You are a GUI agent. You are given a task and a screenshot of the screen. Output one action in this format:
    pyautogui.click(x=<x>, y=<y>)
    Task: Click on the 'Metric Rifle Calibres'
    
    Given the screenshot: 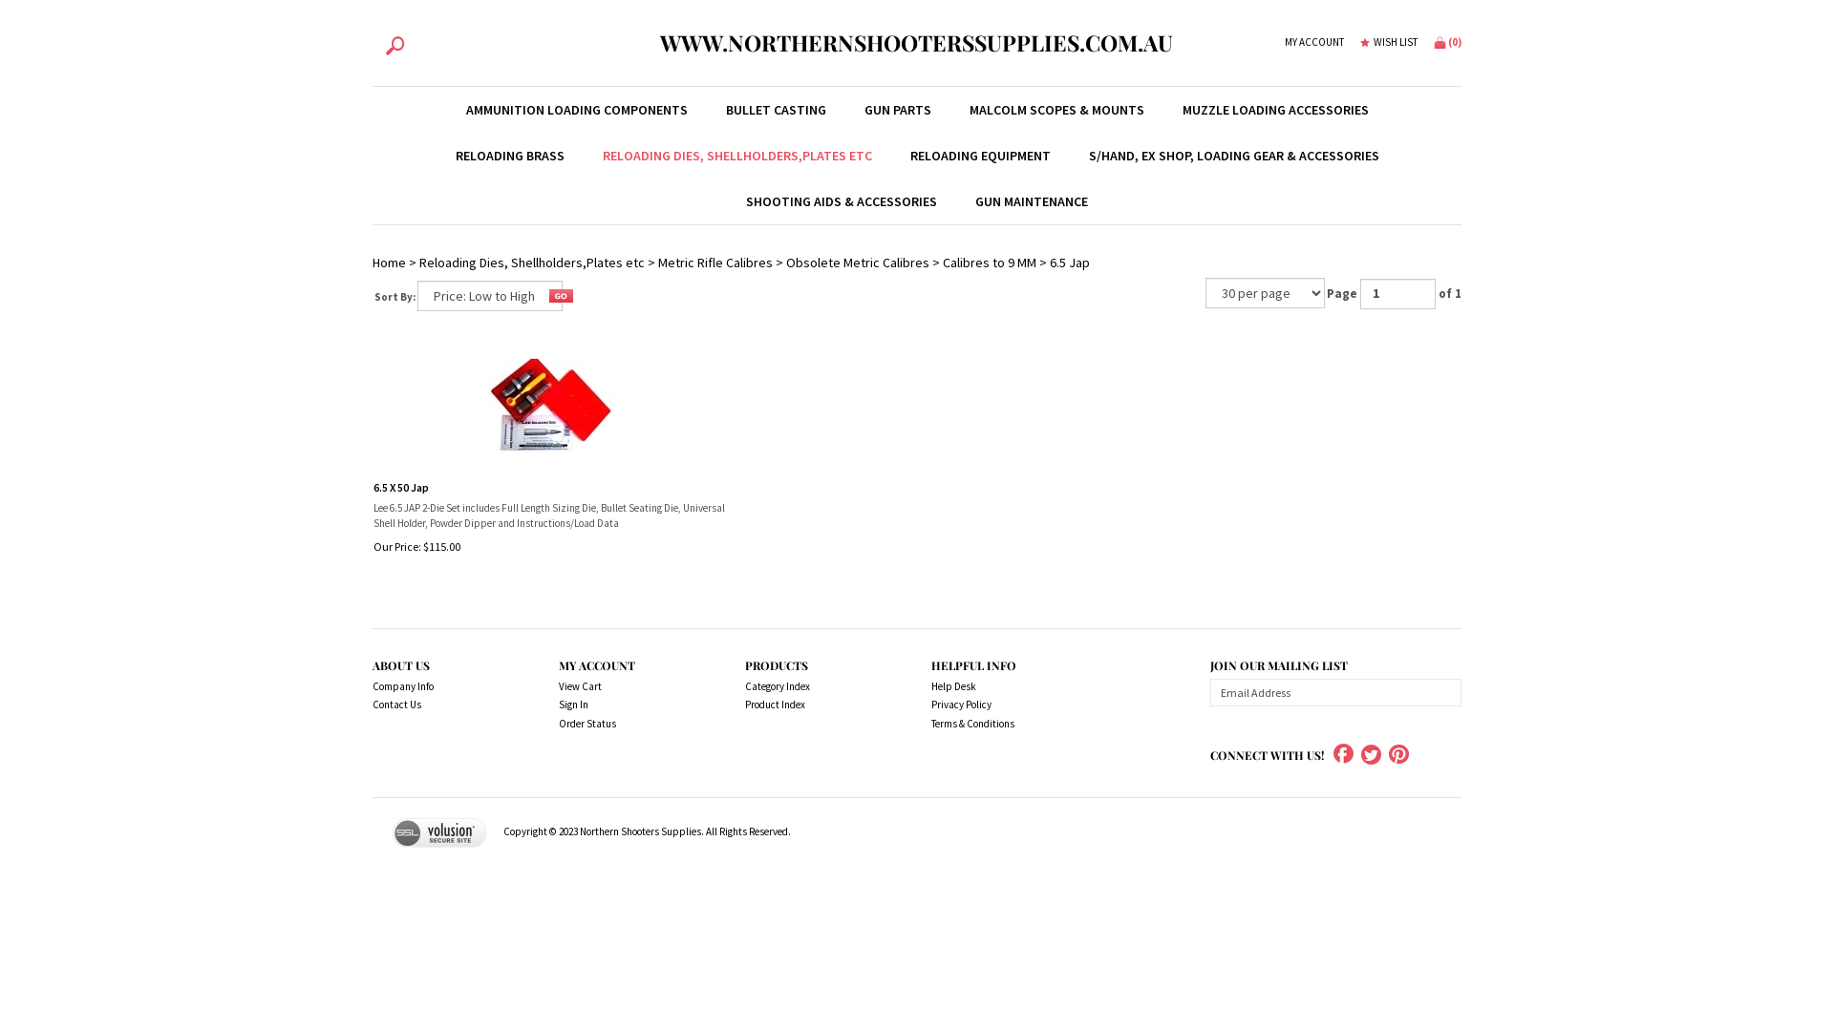 What is the action you would take?
    pyautogui.click(x=714, y=262)
    